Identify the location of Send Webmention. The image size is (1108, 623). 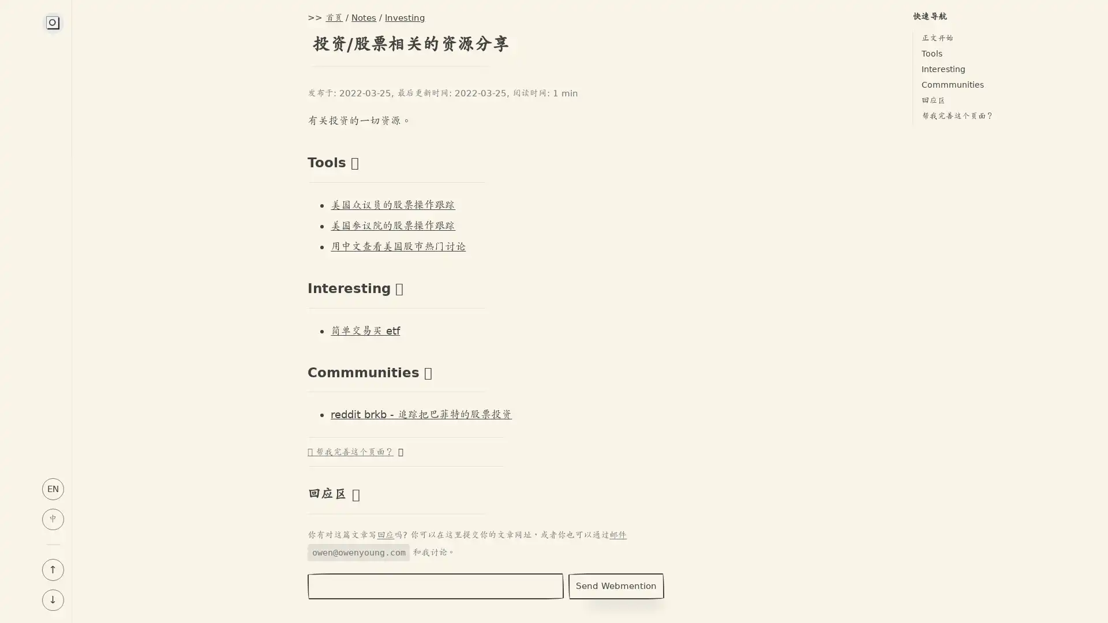
(615, 586).